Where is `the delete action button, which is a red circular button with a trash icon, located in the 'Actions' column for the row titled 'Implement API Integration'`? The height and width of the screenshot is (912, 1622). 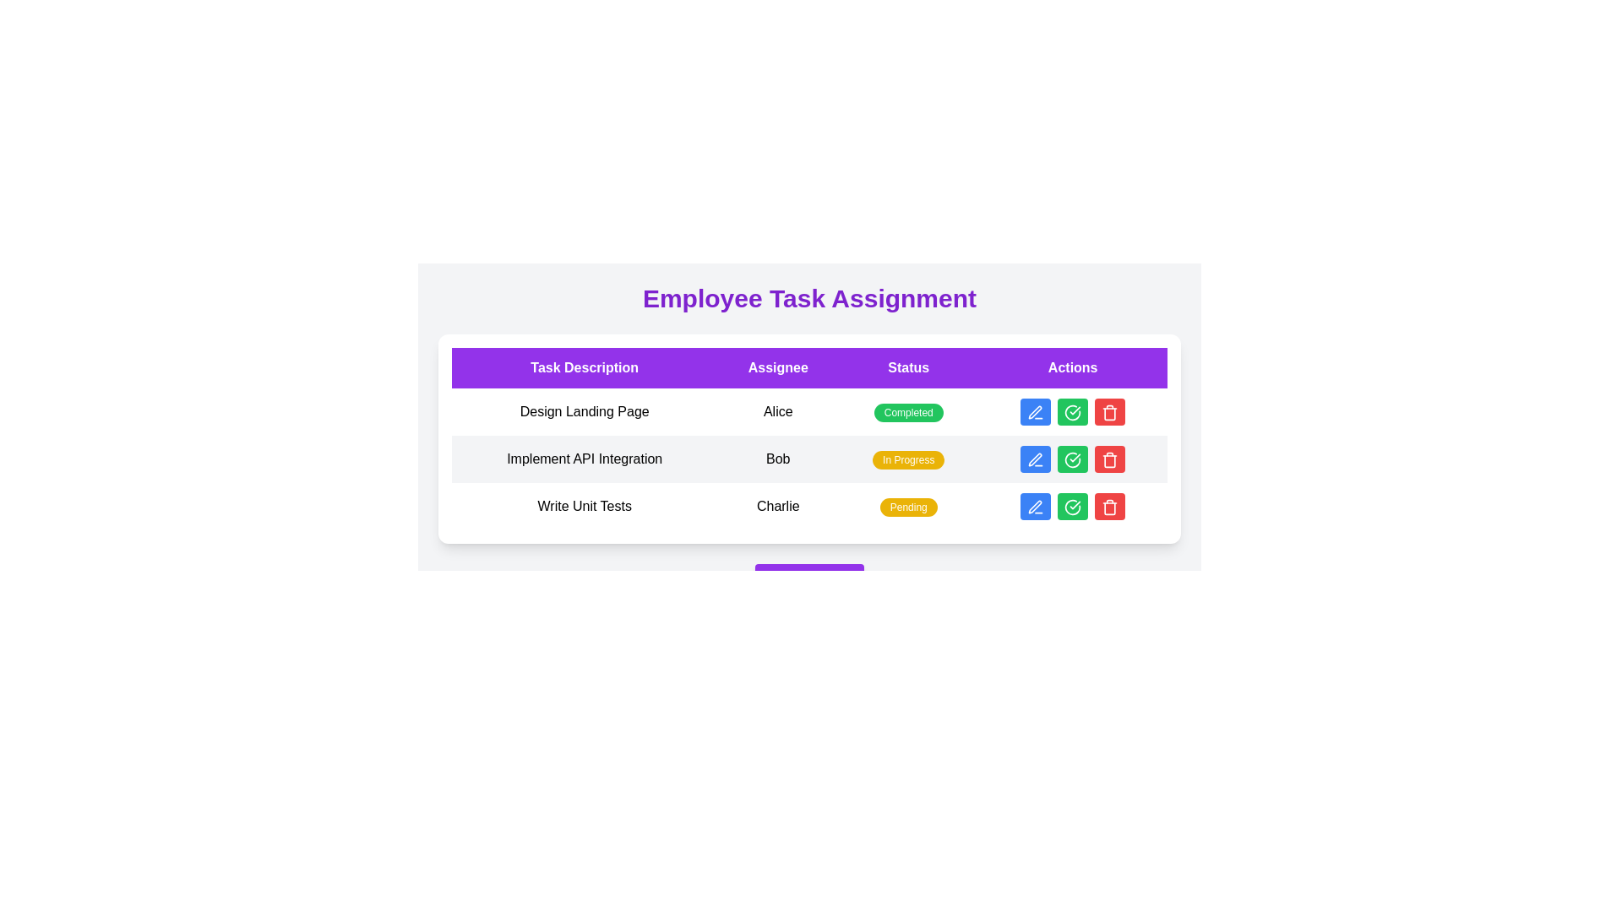
the delete action button, which is a red circular button with a trash icon, located in the 'Actions' column for the row titled 'Implement API Integration' is located at coordinates (1110, 506).